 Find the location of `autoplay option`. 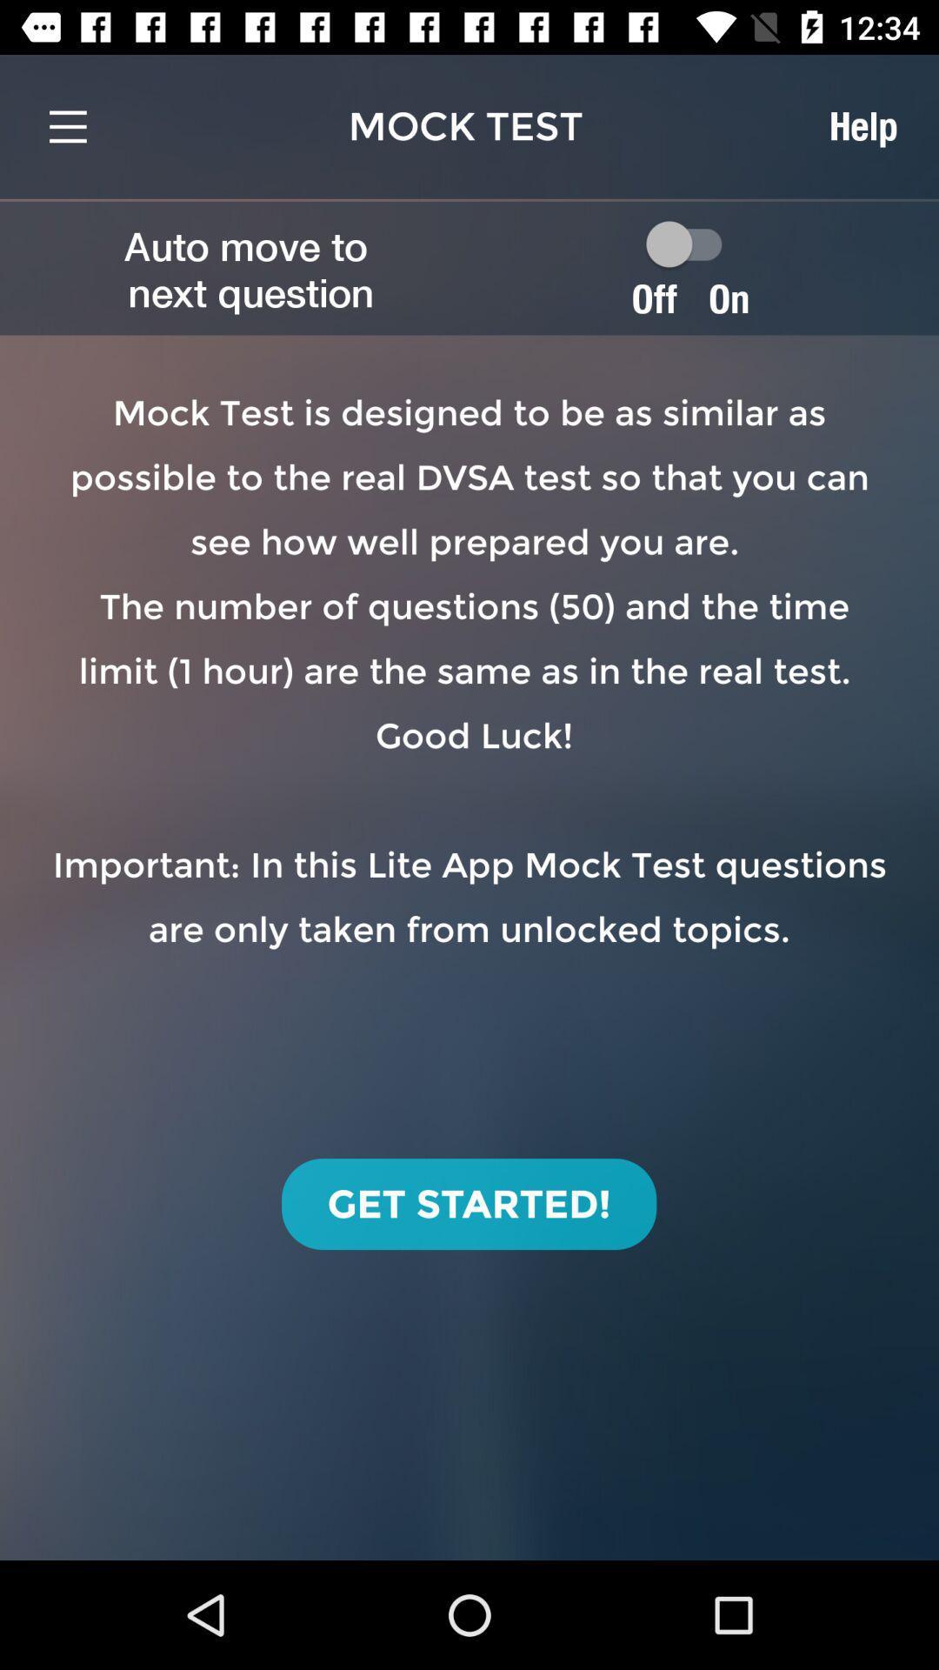

autoplay option is located at coordinates (691, 243).